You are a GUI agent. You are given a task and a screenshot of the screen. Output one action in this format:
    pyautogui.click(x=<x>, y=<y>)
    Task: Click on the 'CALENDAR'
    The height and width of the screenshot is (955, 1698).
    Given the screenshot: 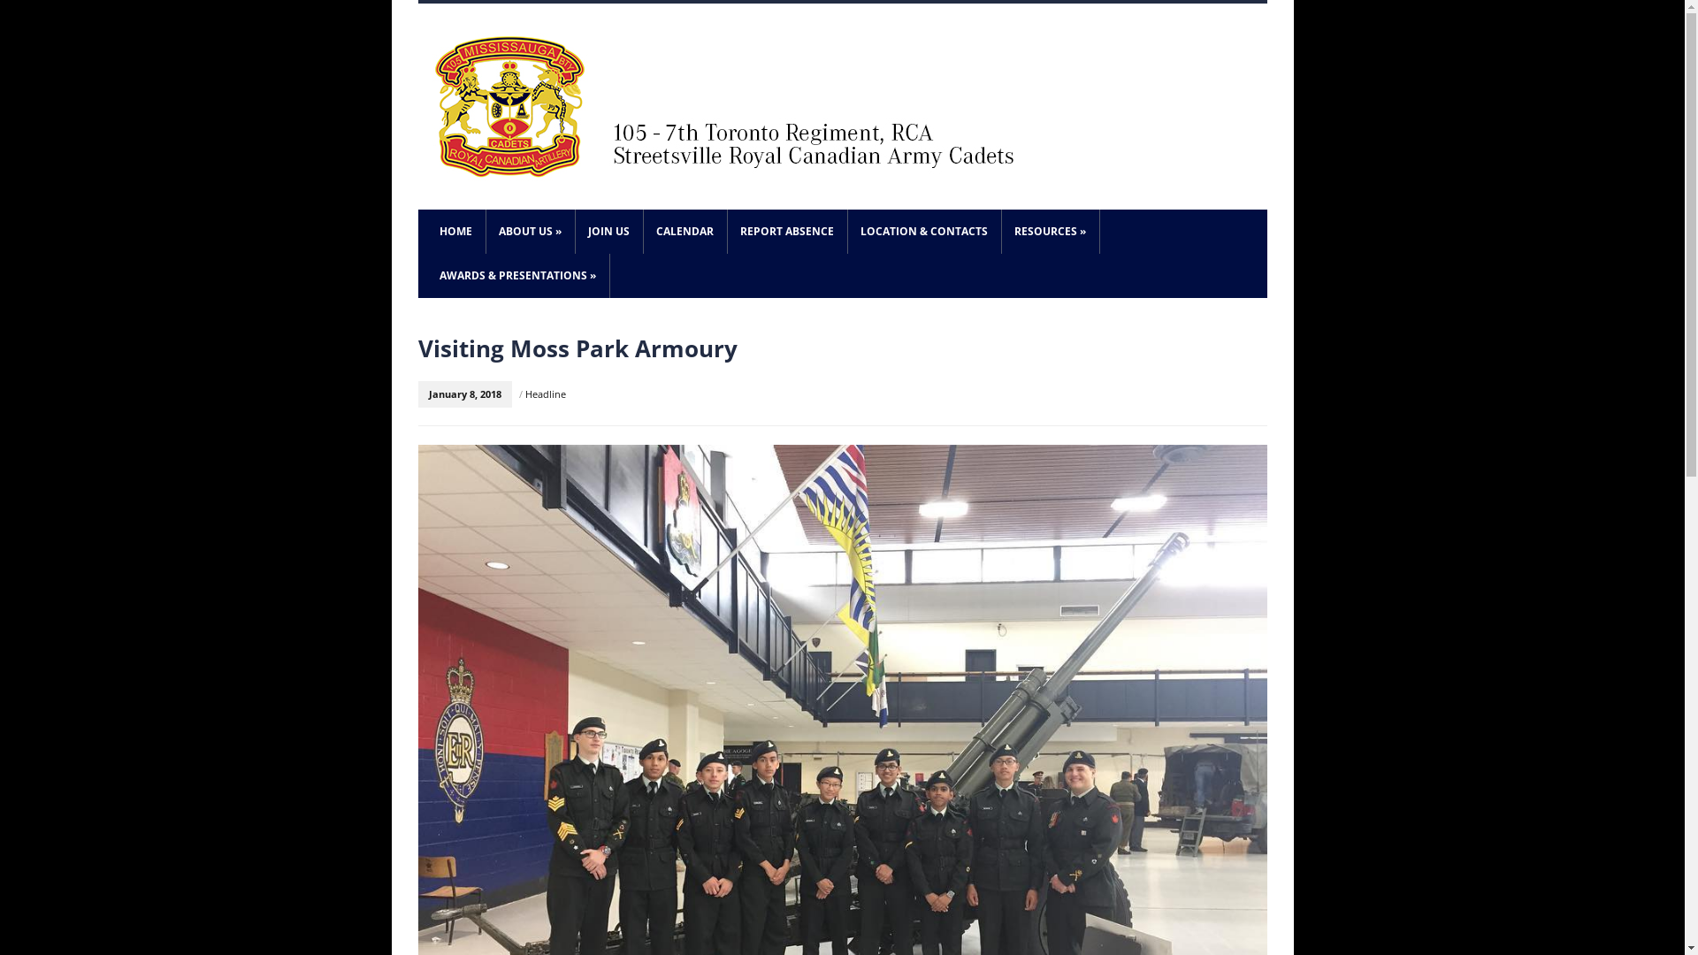 What is the action you would take?
    pyautogui.click(x=684, y=231)
    